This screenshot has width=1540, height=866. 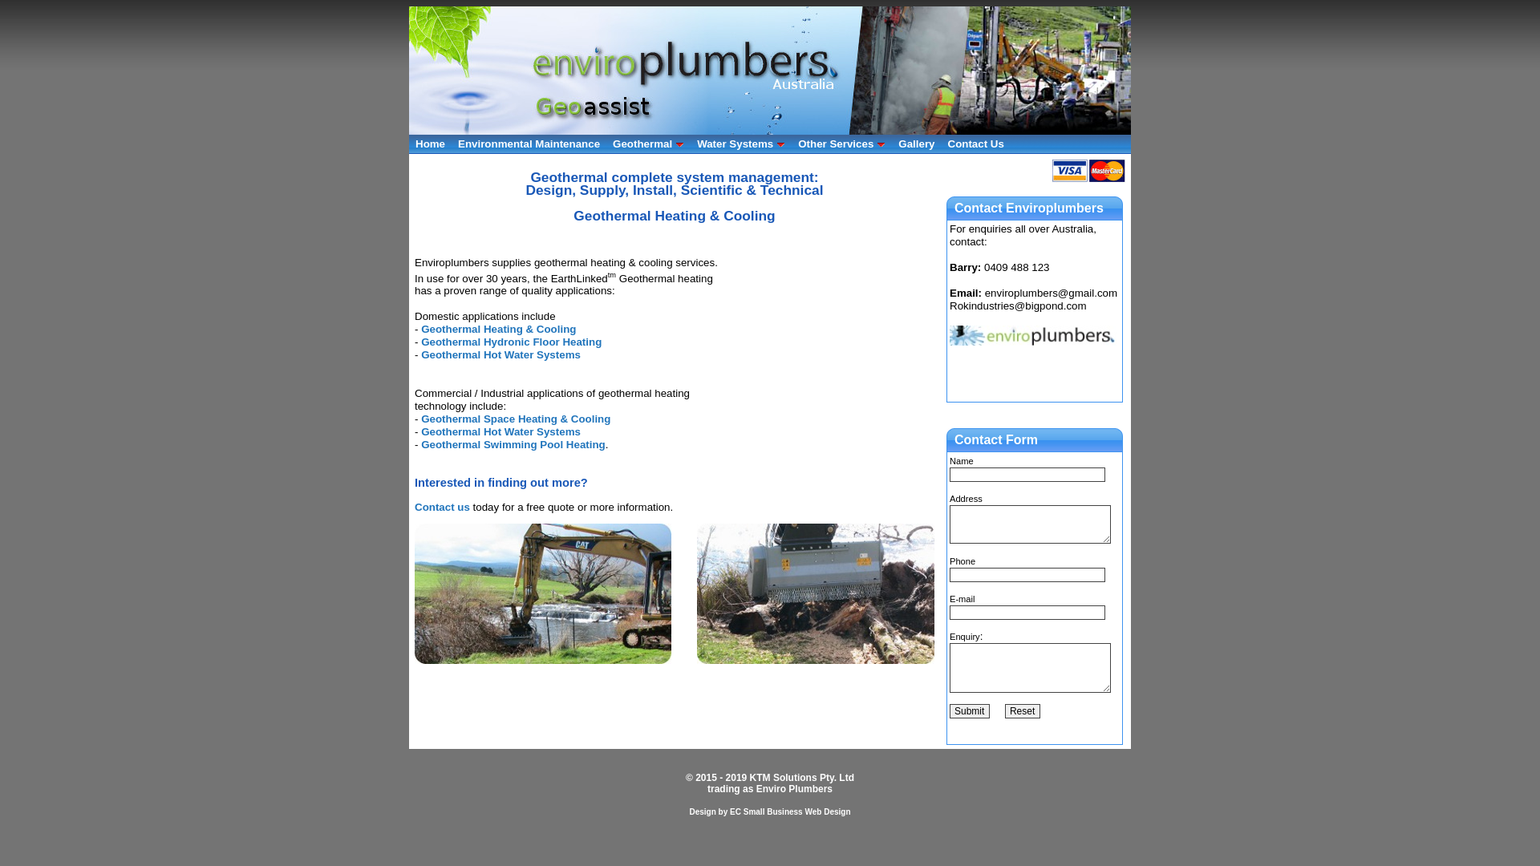 I want to click on 'Geothermal Space Heating & Cooling', so click(x=420, y=418).